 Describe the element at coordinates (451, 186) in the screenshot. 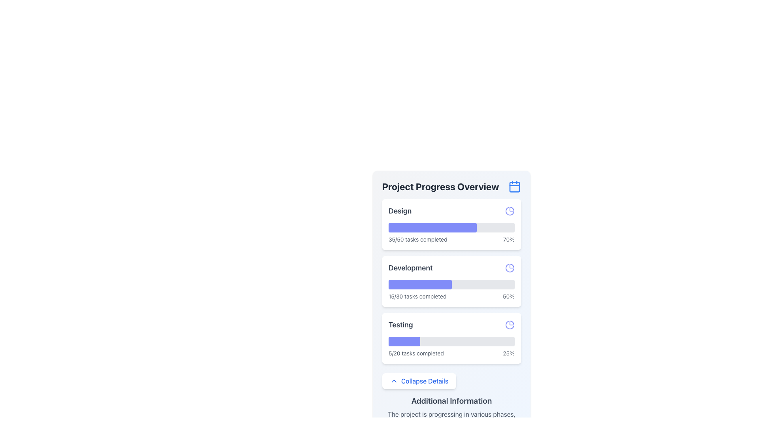

I see `the heading element with the text 'Project Progress Overview' and a blue calendar icon, located at the top of the project progress metrics section` at that location.